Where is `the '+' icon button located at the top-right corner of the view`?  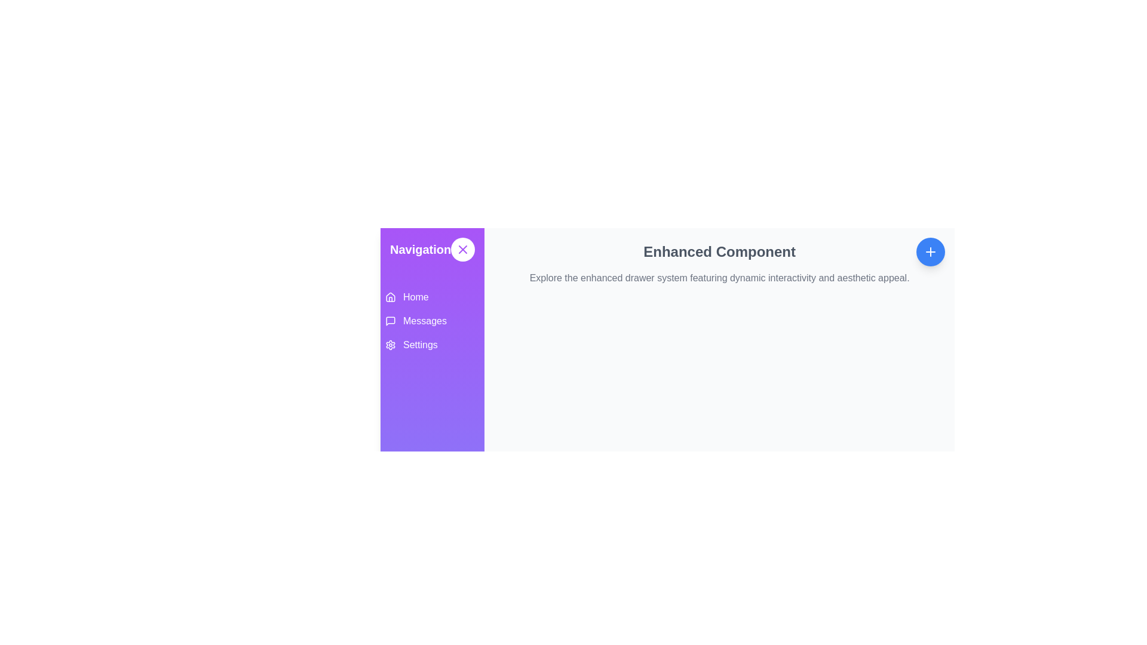 the '+' icon button located at the top-right corner of the view is located at coordinates (930, 251).